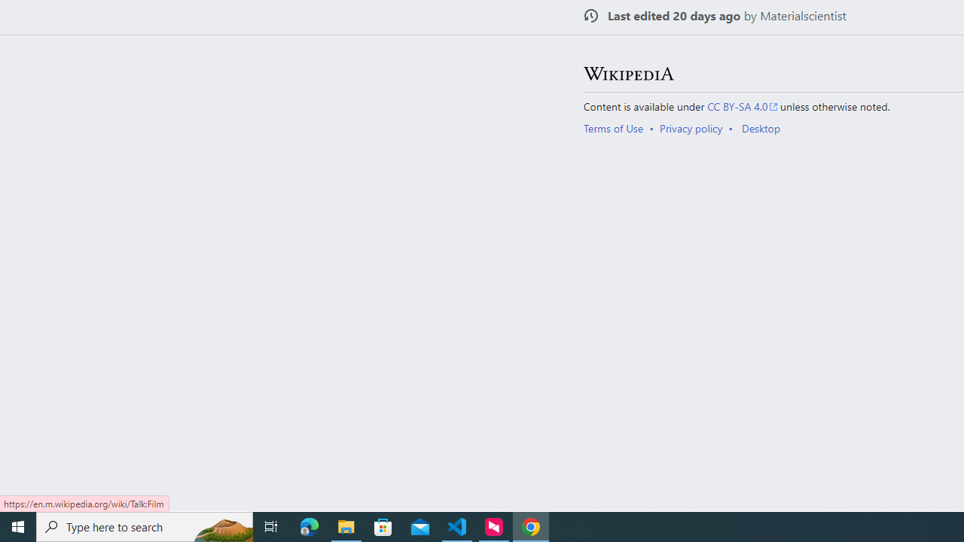 This screenshot has height=542, width=964. What do you see at coordinates (764, 127) in the screenshot?
I see `'AutomationID: footer-places-desktop-toggle'` at bounding box center [764, 127].